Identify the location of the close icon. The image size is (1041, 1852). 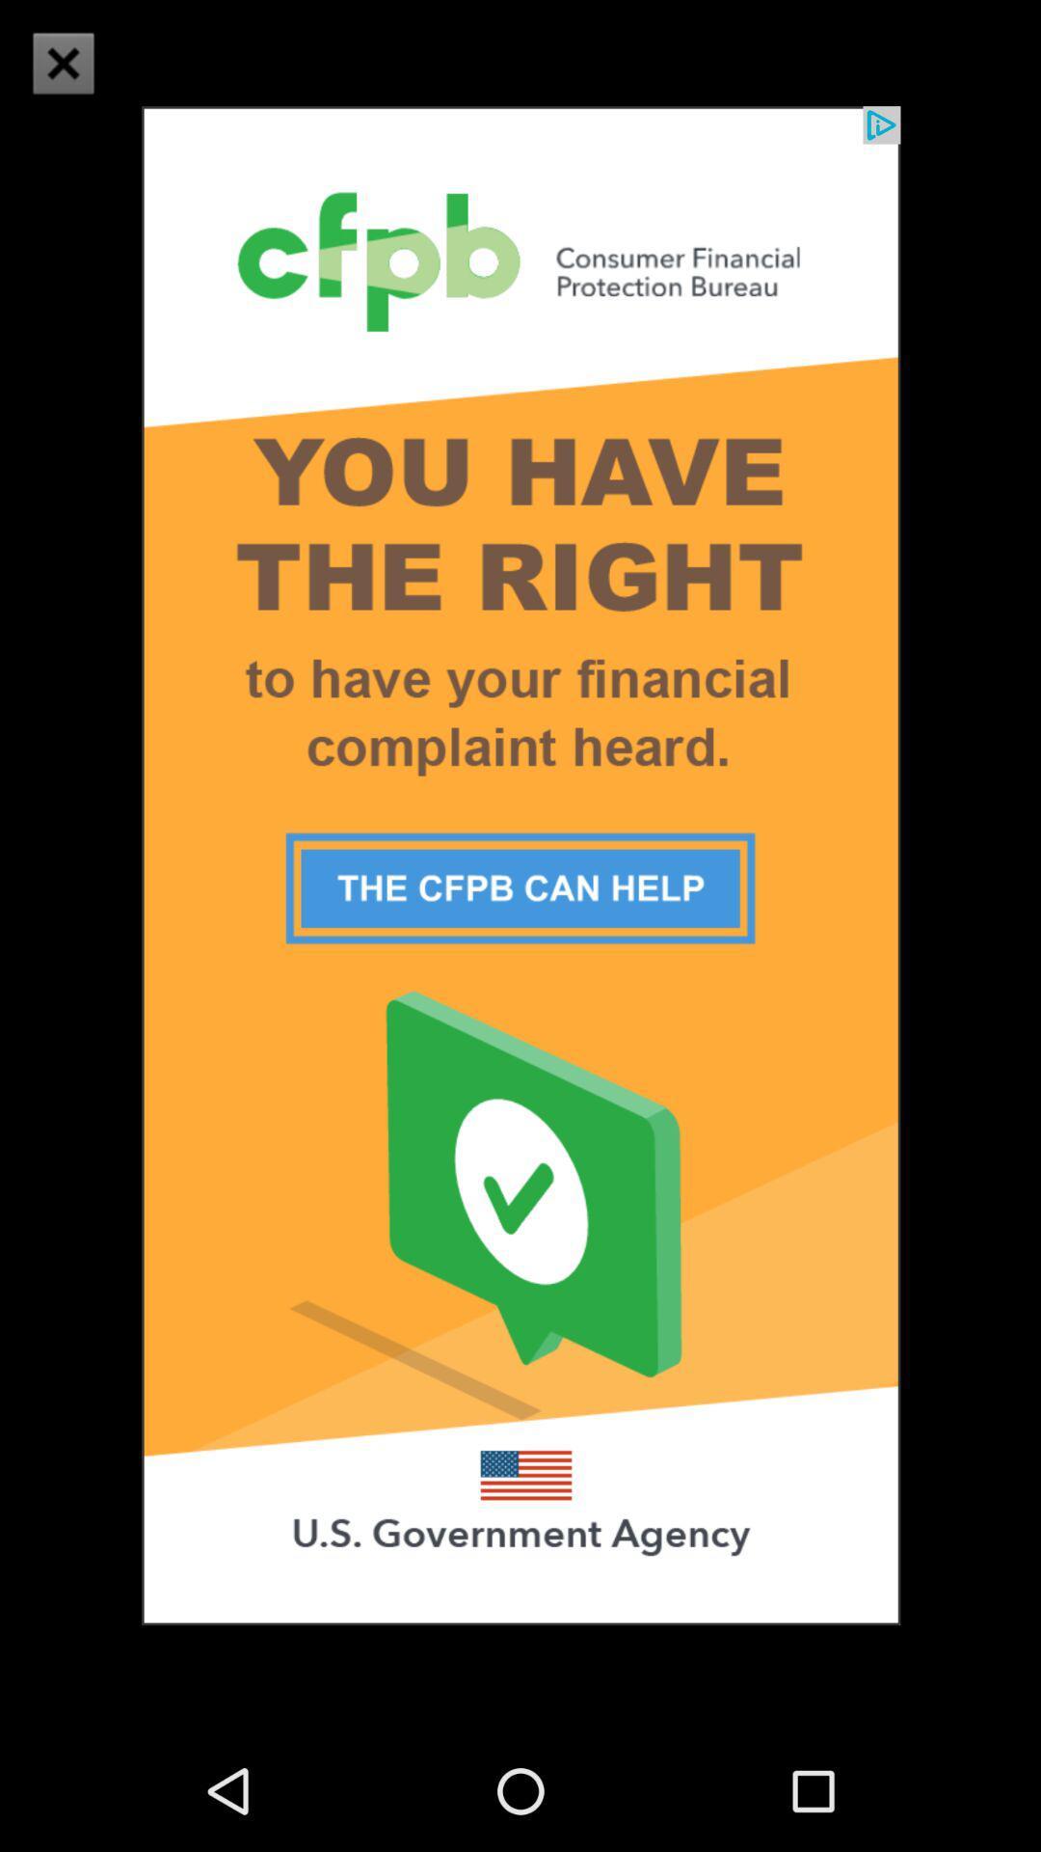
(62, 68).